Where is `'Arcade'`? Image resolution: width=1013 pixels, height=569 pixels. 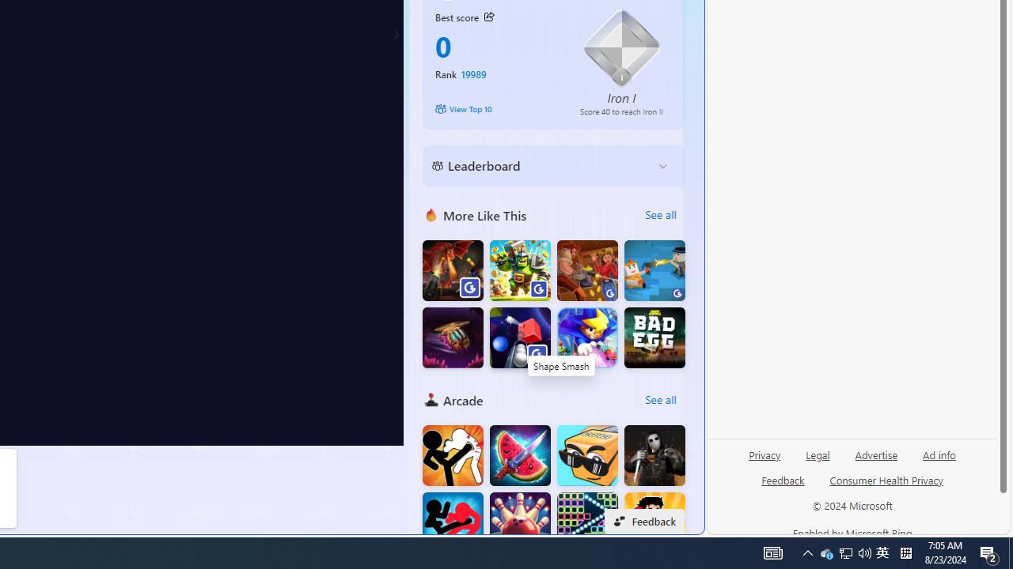
'Arcade' is located at coordinates (431, 399).